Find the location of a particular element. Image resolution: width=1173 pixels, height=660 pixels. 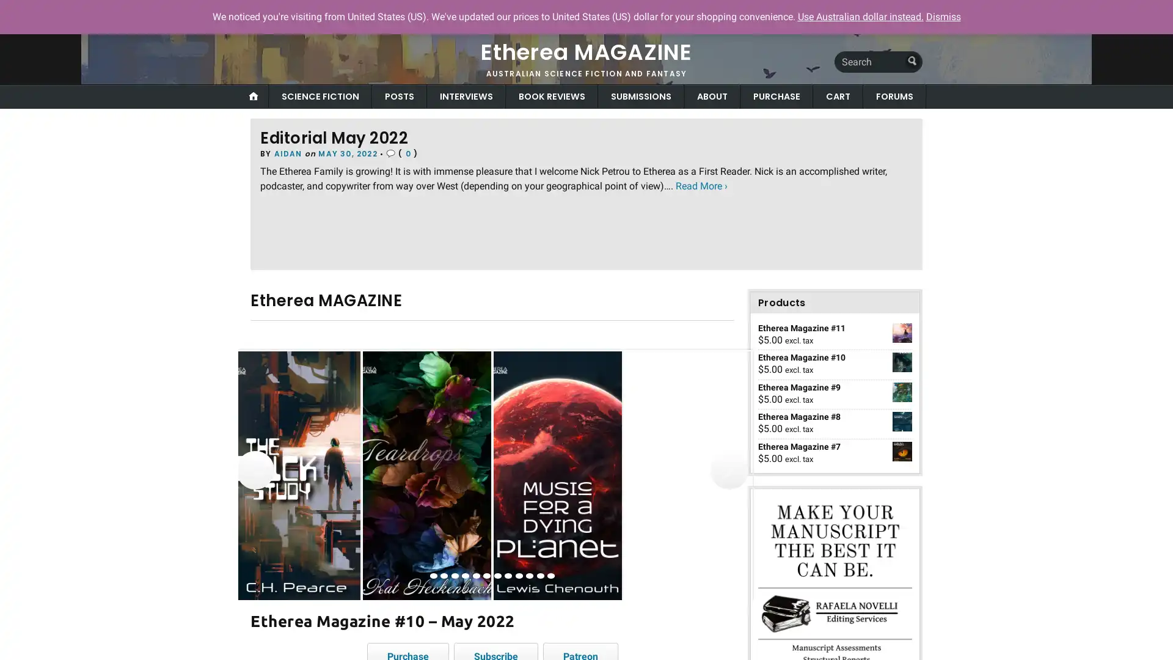

view image 2 of 12 in carousel is located at coordinates (443, 575).